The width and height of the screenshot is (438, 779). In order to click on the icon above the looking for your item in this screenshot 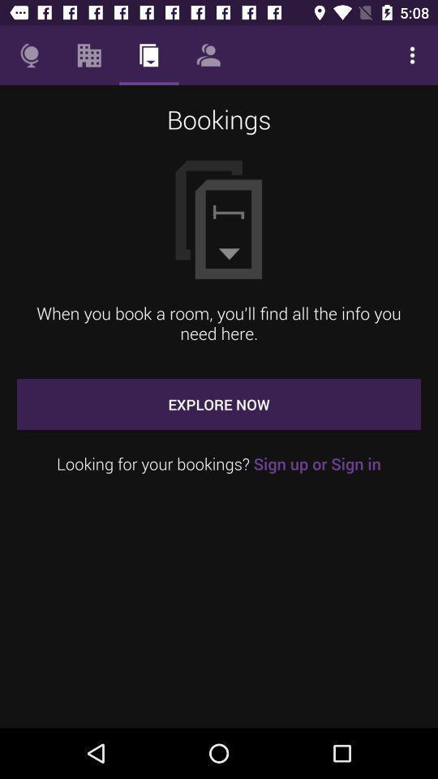, I will do `click(219, 403)`.